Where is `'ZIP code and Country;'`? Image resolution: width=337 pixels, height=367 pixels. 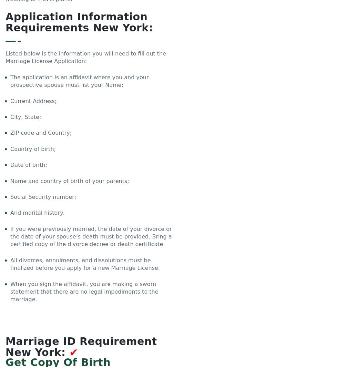
'ZIP code and Country;' is located at coordinates (41, 132).